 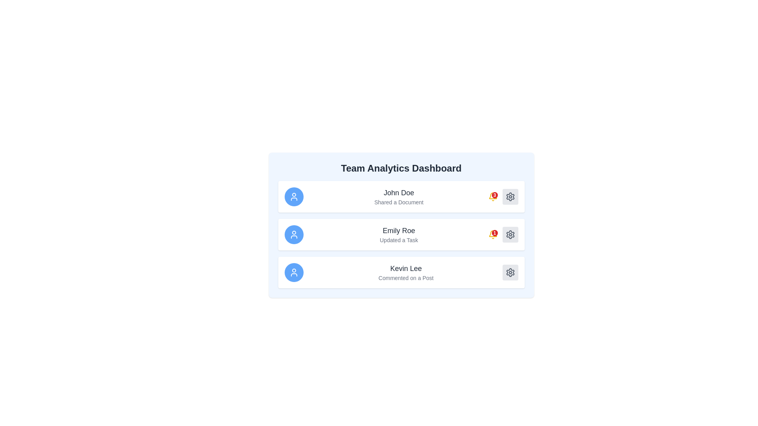 What do you see at coordinates (492, 196) in the screenshot?
I see `the yellow bell notification icon with a red badge showing '3'` at bounding box center [492, 196].